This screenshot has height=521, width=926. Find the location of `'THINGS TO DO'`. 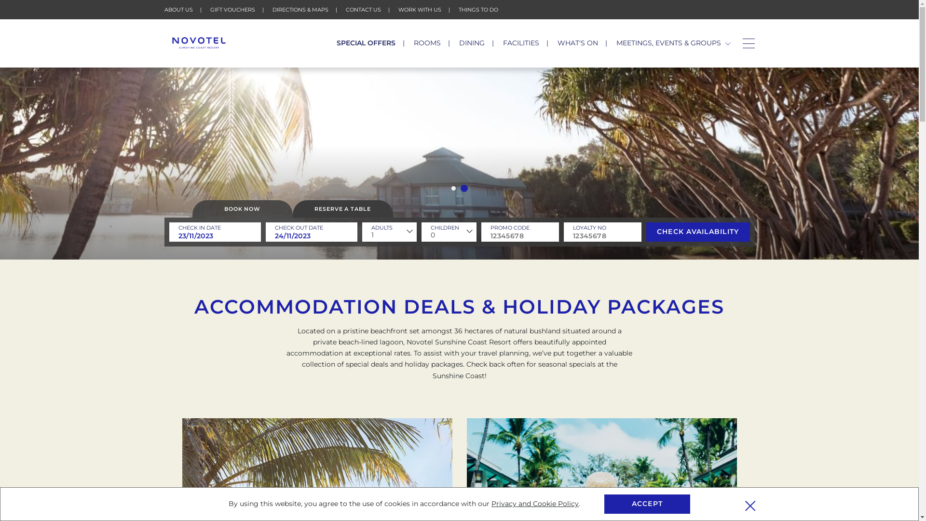

'THINGS TO DO' is located at coordinates (477, 9).